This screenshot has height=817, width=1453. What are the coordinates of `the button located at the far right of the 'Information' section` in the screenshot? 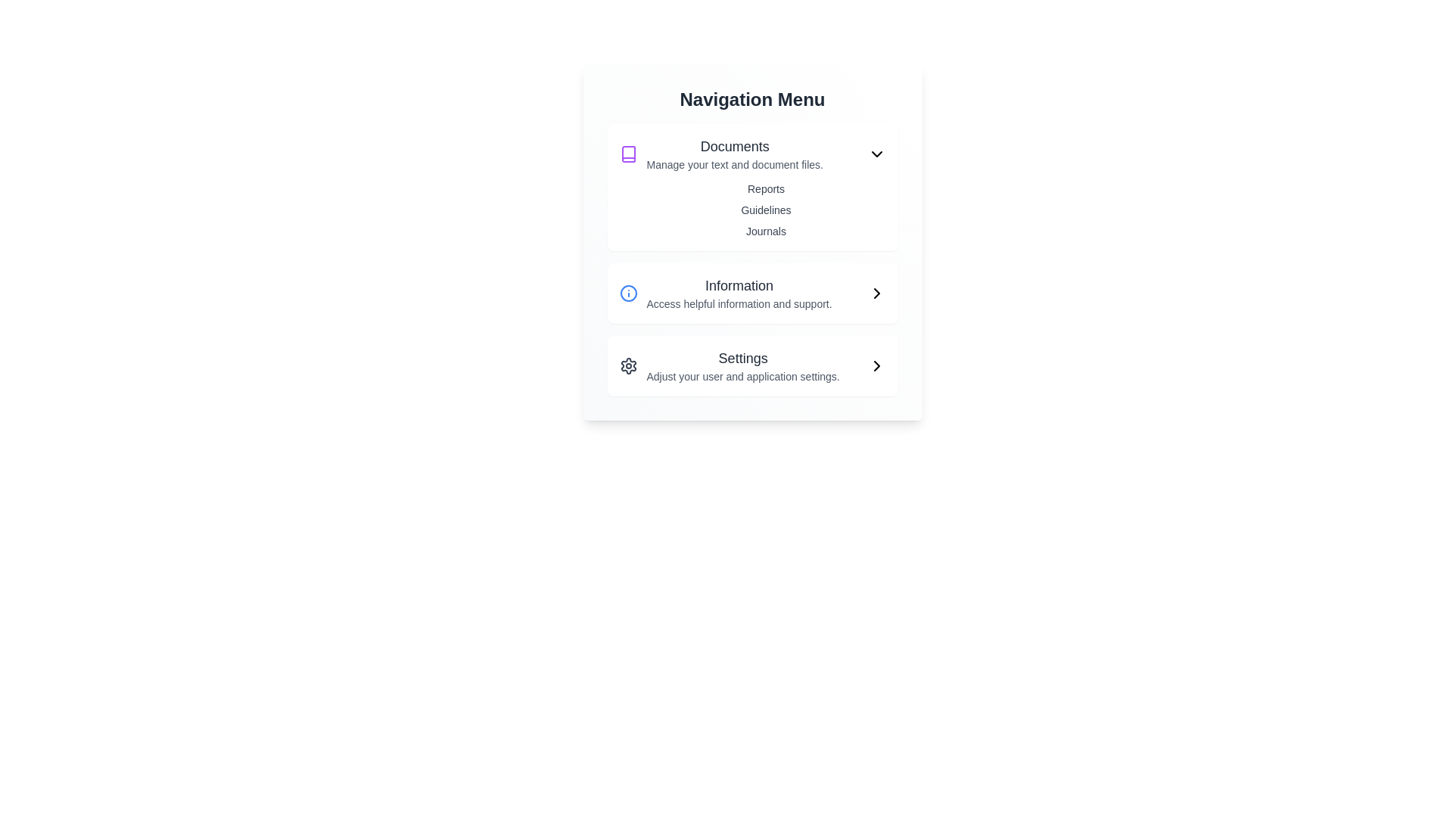 It's located at (876, 294).